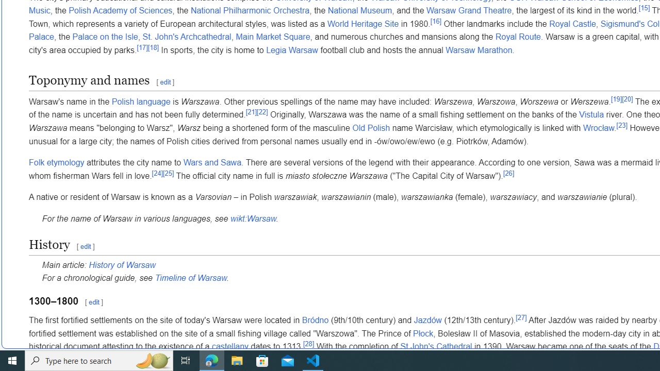  What do you see at coordinates (616, 99) in the screenshot?
I see `'[19]'` at bounding box center [616, 99].